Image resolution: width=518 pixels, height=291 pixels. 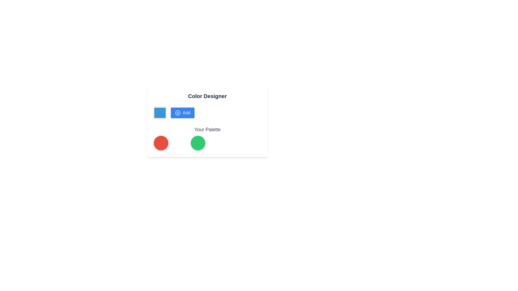 What do you see at coordinates (160, 113) in the screenshot?
I see `the blue square-shaped color selector or swatch component located as the first item from the left in a horizontal layout` at bounding box center [160, 113].